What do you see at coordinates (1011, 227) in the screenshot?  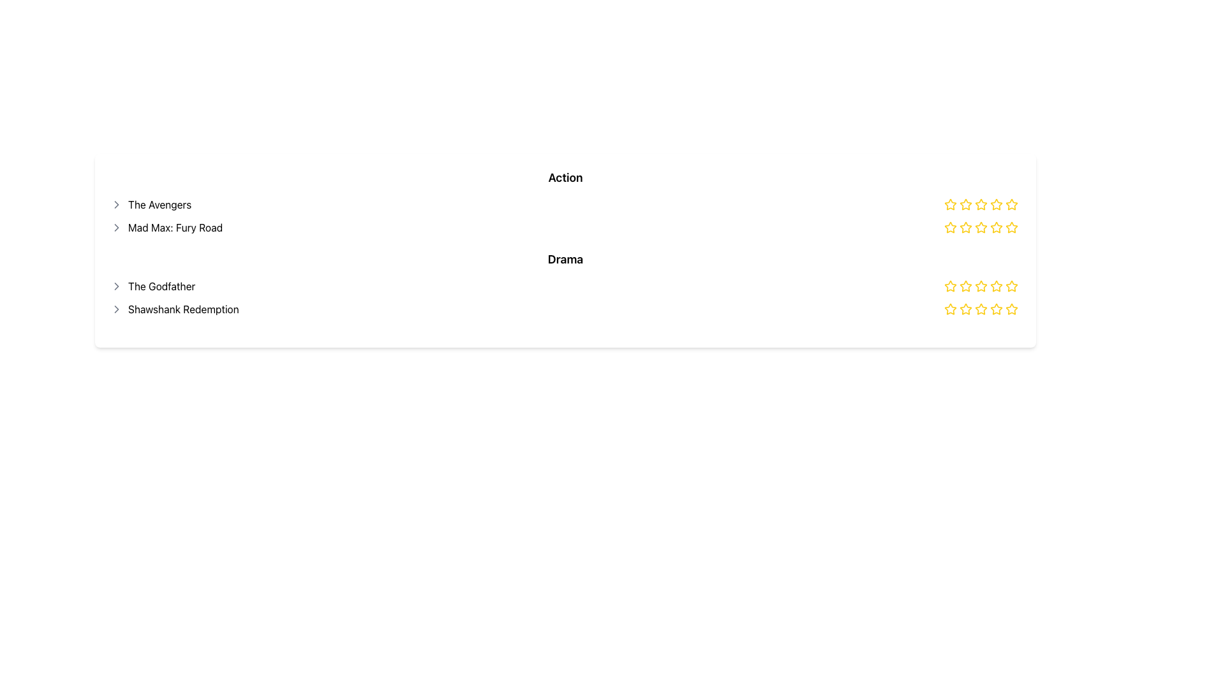 I see `the fourth star in the rating component for the movie 'Mad Max: Fury Road'` at bounding box center [1011, 227].